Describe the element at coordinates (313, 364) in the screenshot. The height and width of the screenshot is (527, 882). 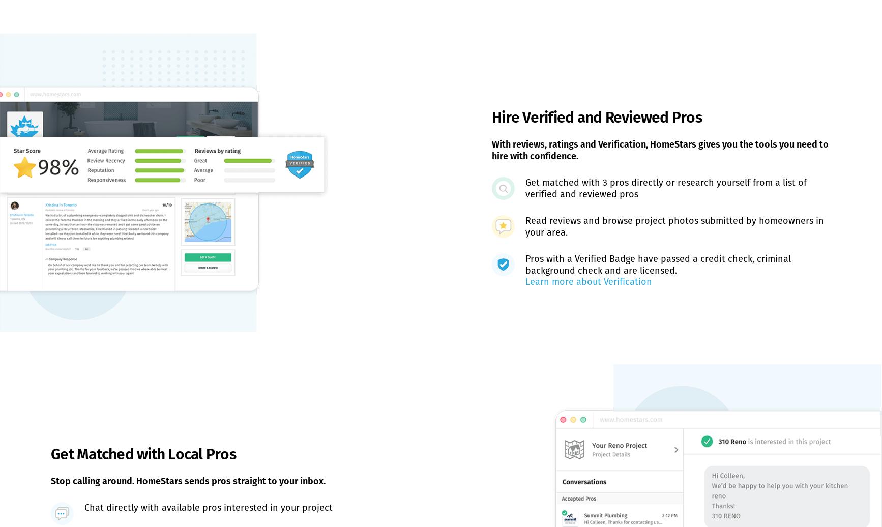
I see `'Brand Builder'` at that location.